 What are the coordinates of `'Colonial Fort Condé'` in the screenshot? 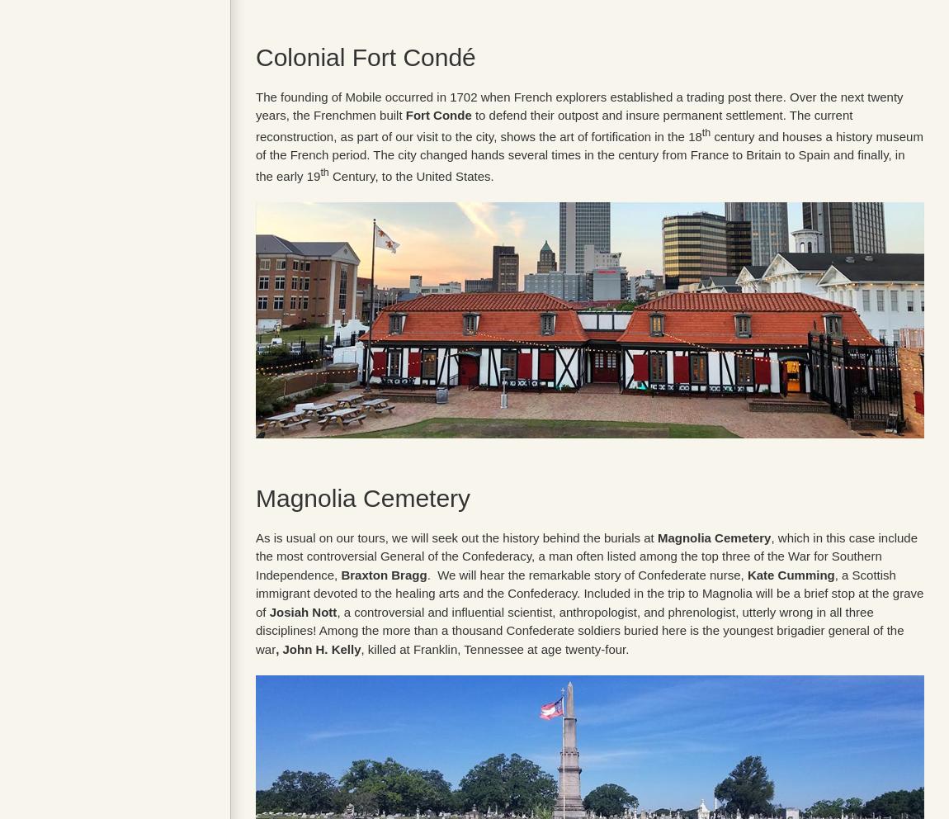 It's located at (365, 56).